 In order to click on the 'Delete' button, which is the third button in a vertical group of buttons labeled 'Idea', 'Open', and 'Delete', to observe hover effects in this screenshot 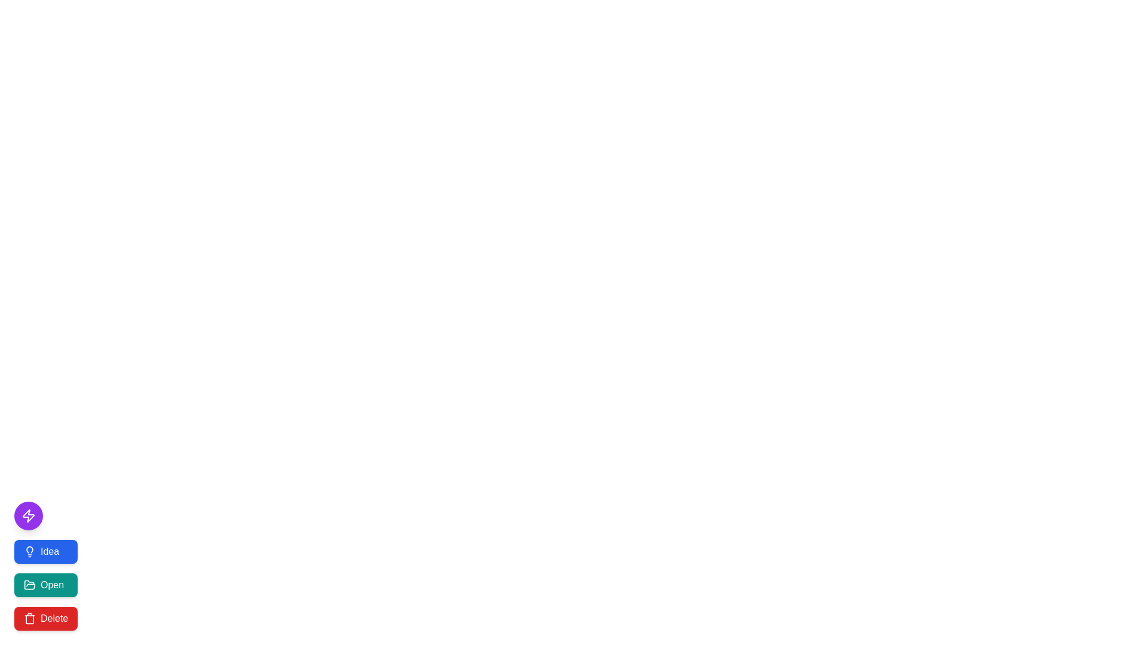, I will do `click(46, 618)`.